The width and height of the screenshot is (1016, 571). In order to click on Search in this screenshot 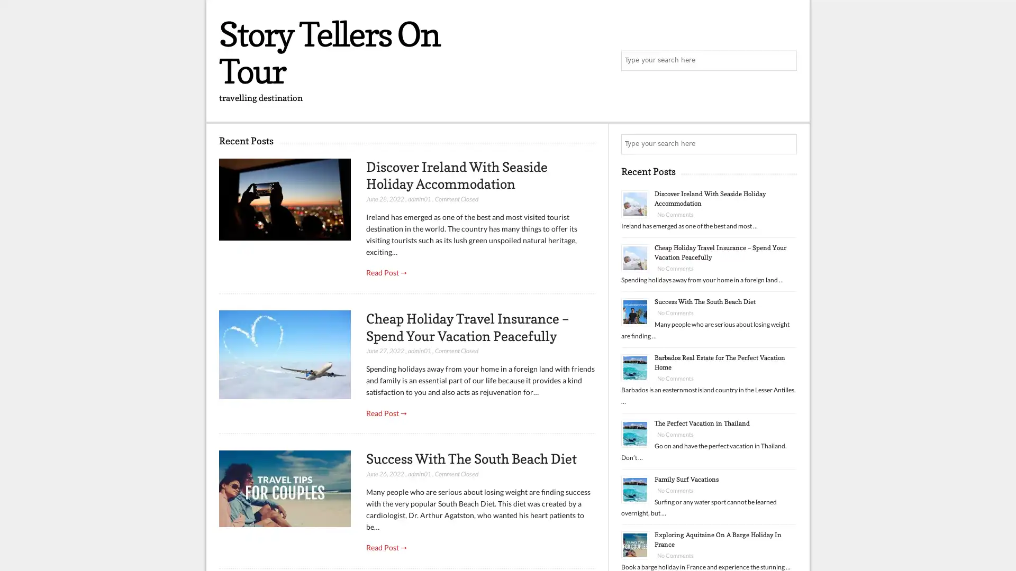, I will do `click(786, 61)`.